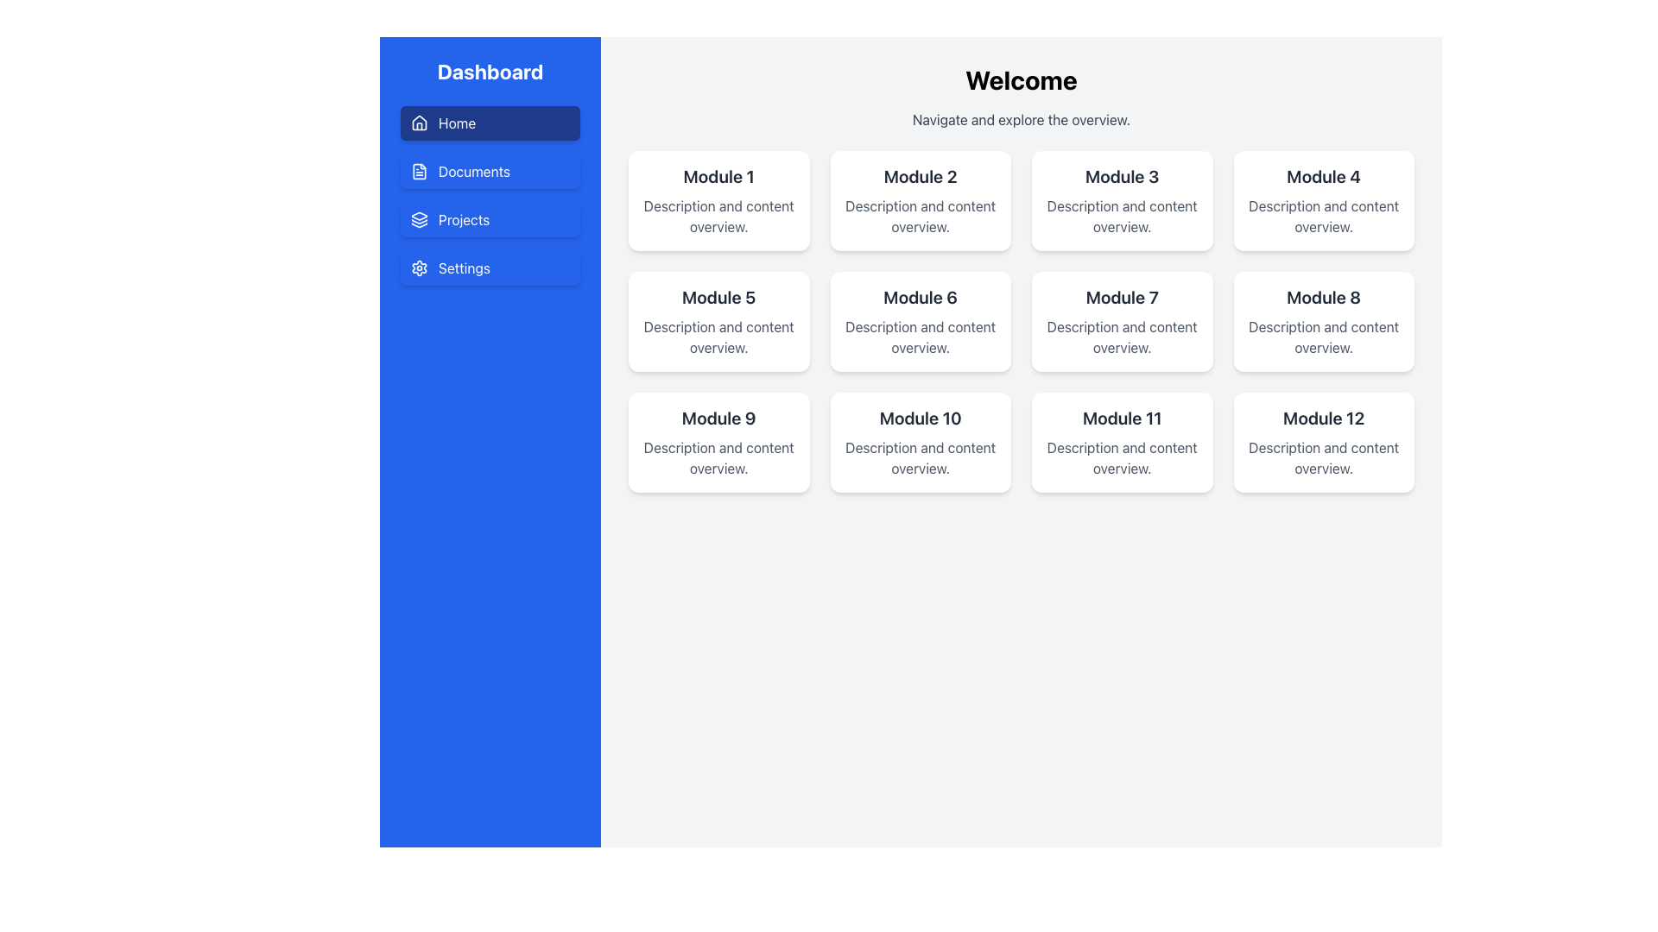 Image resolution: width=1658 pixels, height=932 pixels. What do you see at coordinates (920, 296) in the screenshot?
I see `the text label that reads 'Module 6', which is styled in a bold font and located in the second card of the second row in a 4x3 grid layout` at bounding box center [920, 296].